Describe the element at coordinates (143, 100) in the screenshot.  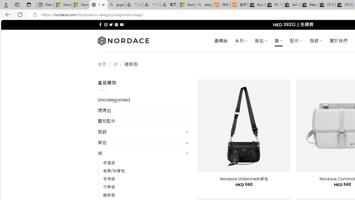
I see `'Uncategorized'` at that location.